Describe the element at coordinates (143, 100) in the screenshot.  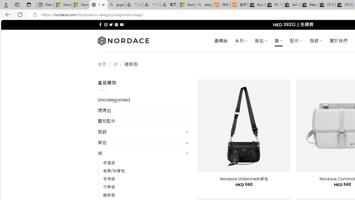
I see `'Uncategorized'` at that location.